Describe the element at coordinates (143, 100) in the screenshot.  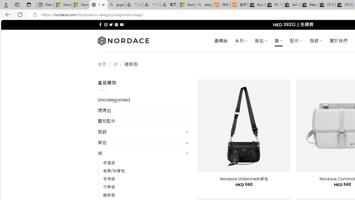
I see `'Uncategorized'` at that location.